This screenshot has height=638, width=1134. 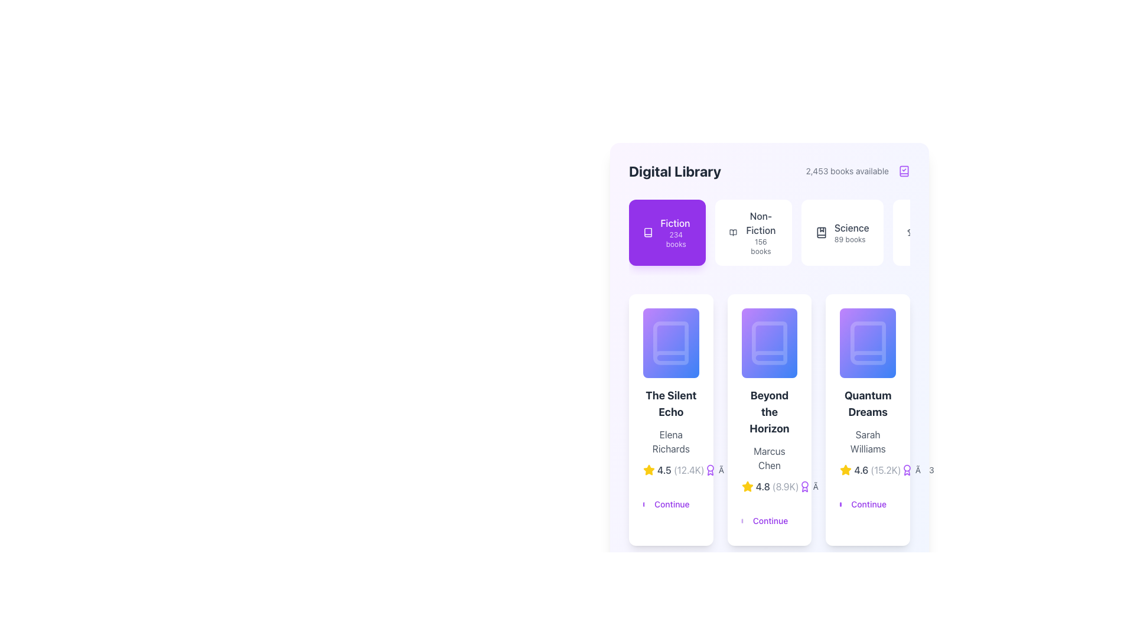 What do you see at coordinates (769, 487) in the screenshot?
I see `the yellow star icon in the rating display` at bounding box center [769, 487].